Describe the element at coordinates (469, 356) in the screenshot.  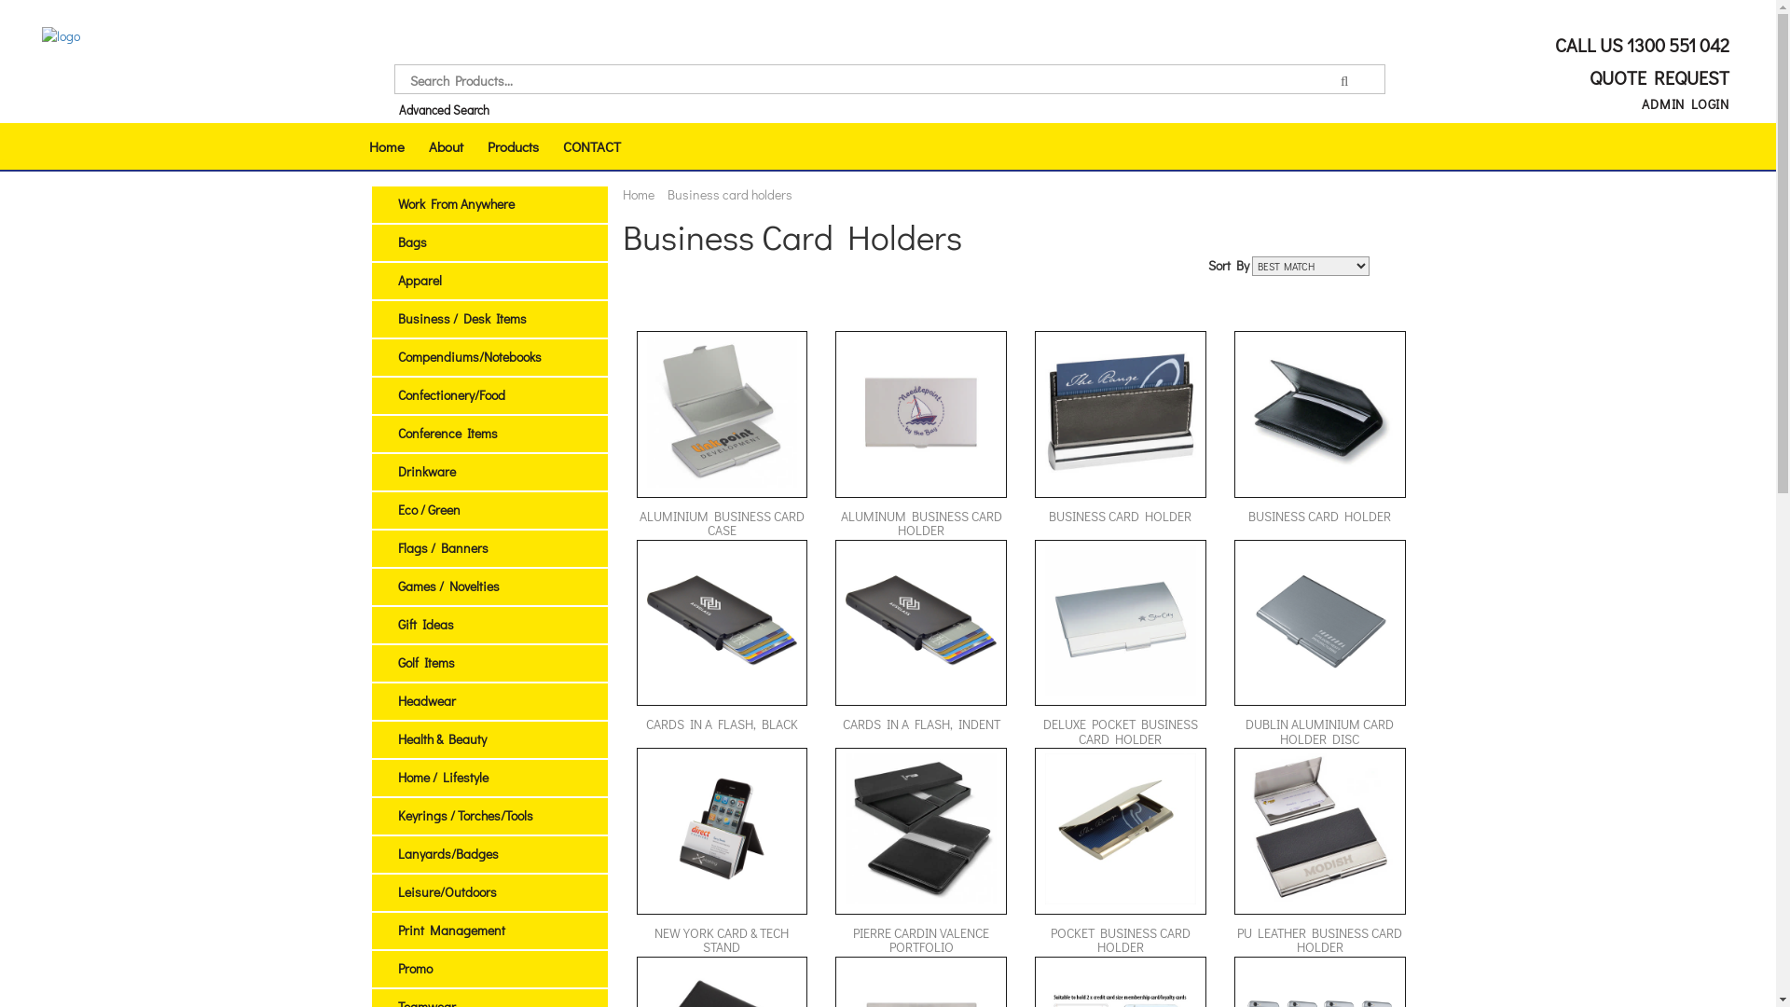
I see `'Compendiums/Notebooks'` at that location.